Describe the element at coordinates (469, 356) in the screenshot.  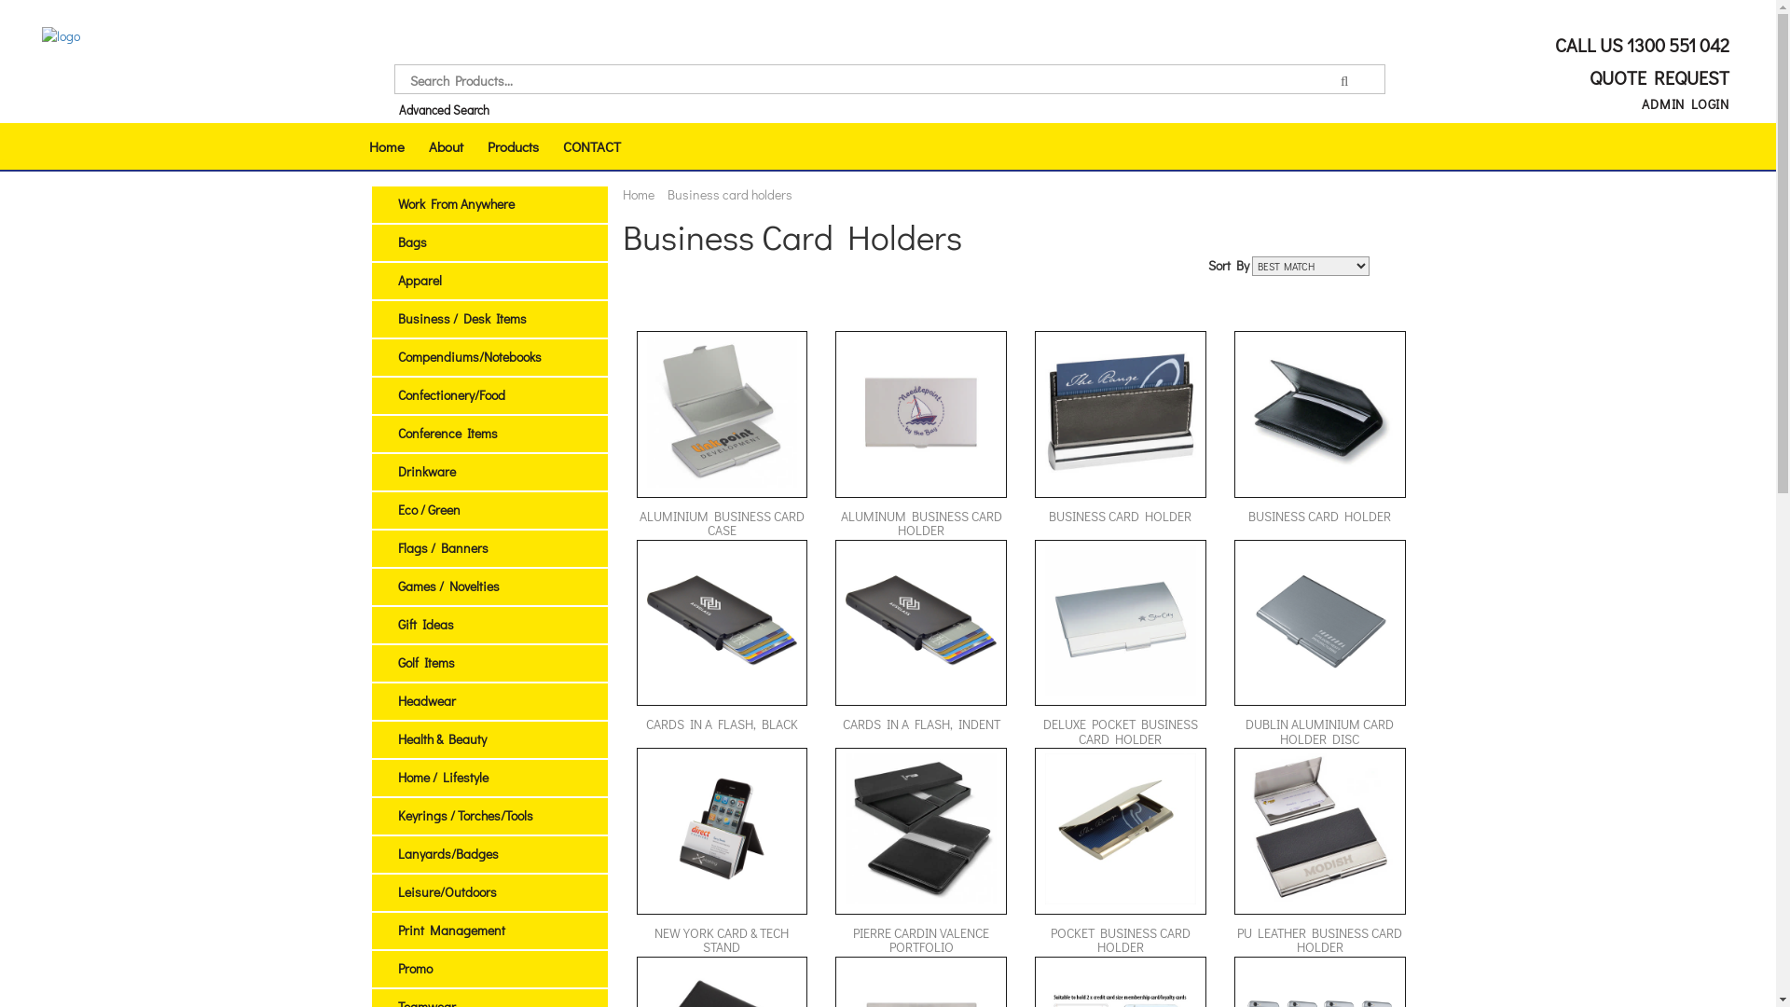
I see `'Compendiums/Notebooks'` at that location.